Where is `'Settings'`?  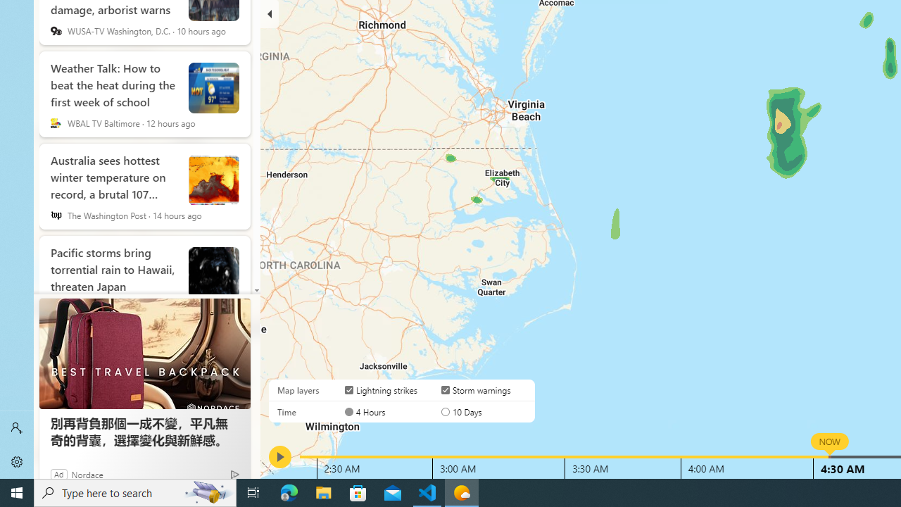
'Settings' is located at coordinates (17, 461).